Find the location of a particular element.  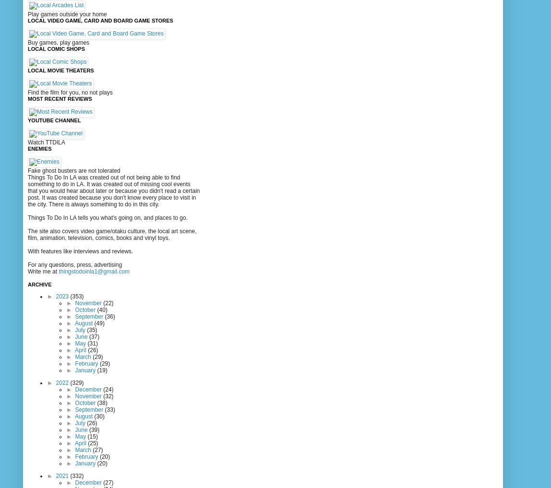

'2022' is located at coordinates (62, 382).